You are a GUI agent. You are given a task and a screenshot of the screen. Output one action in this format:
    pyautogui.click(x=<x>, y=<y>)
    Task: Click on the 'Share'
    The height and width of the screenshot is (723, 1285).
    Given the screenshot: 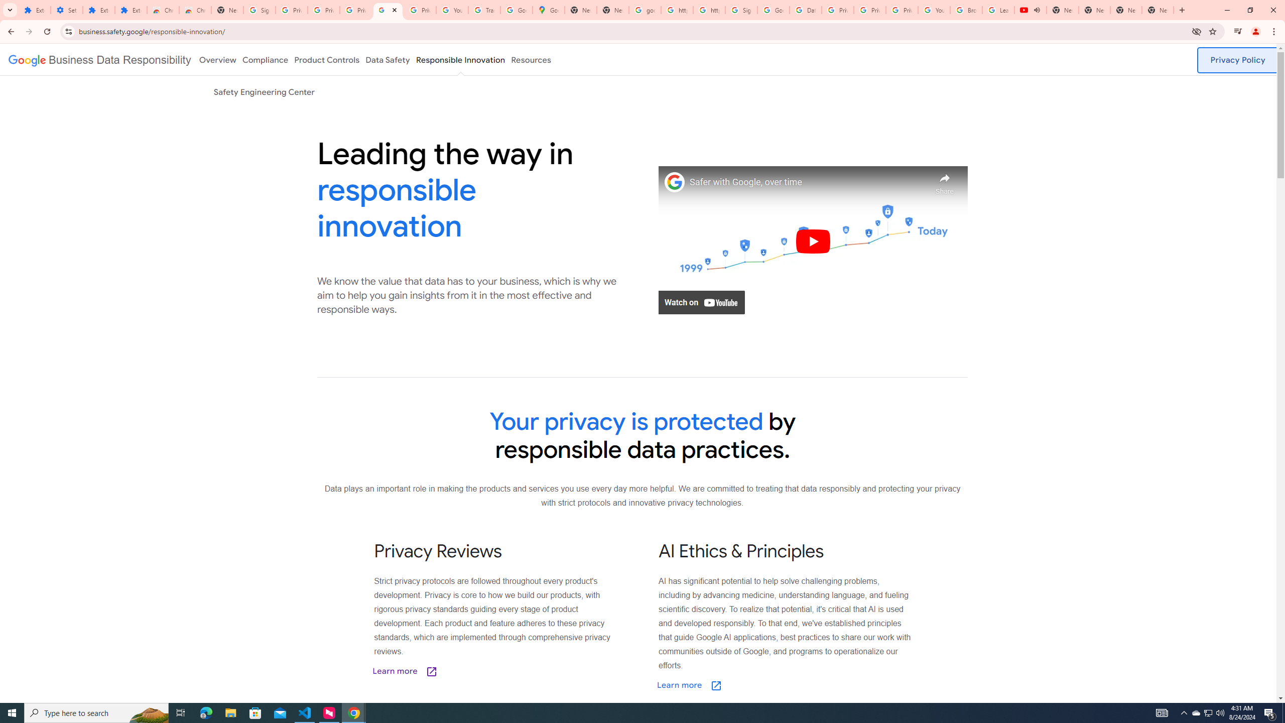 What is the action you would take?
    pyautogui.click(x=945, y=181)
    